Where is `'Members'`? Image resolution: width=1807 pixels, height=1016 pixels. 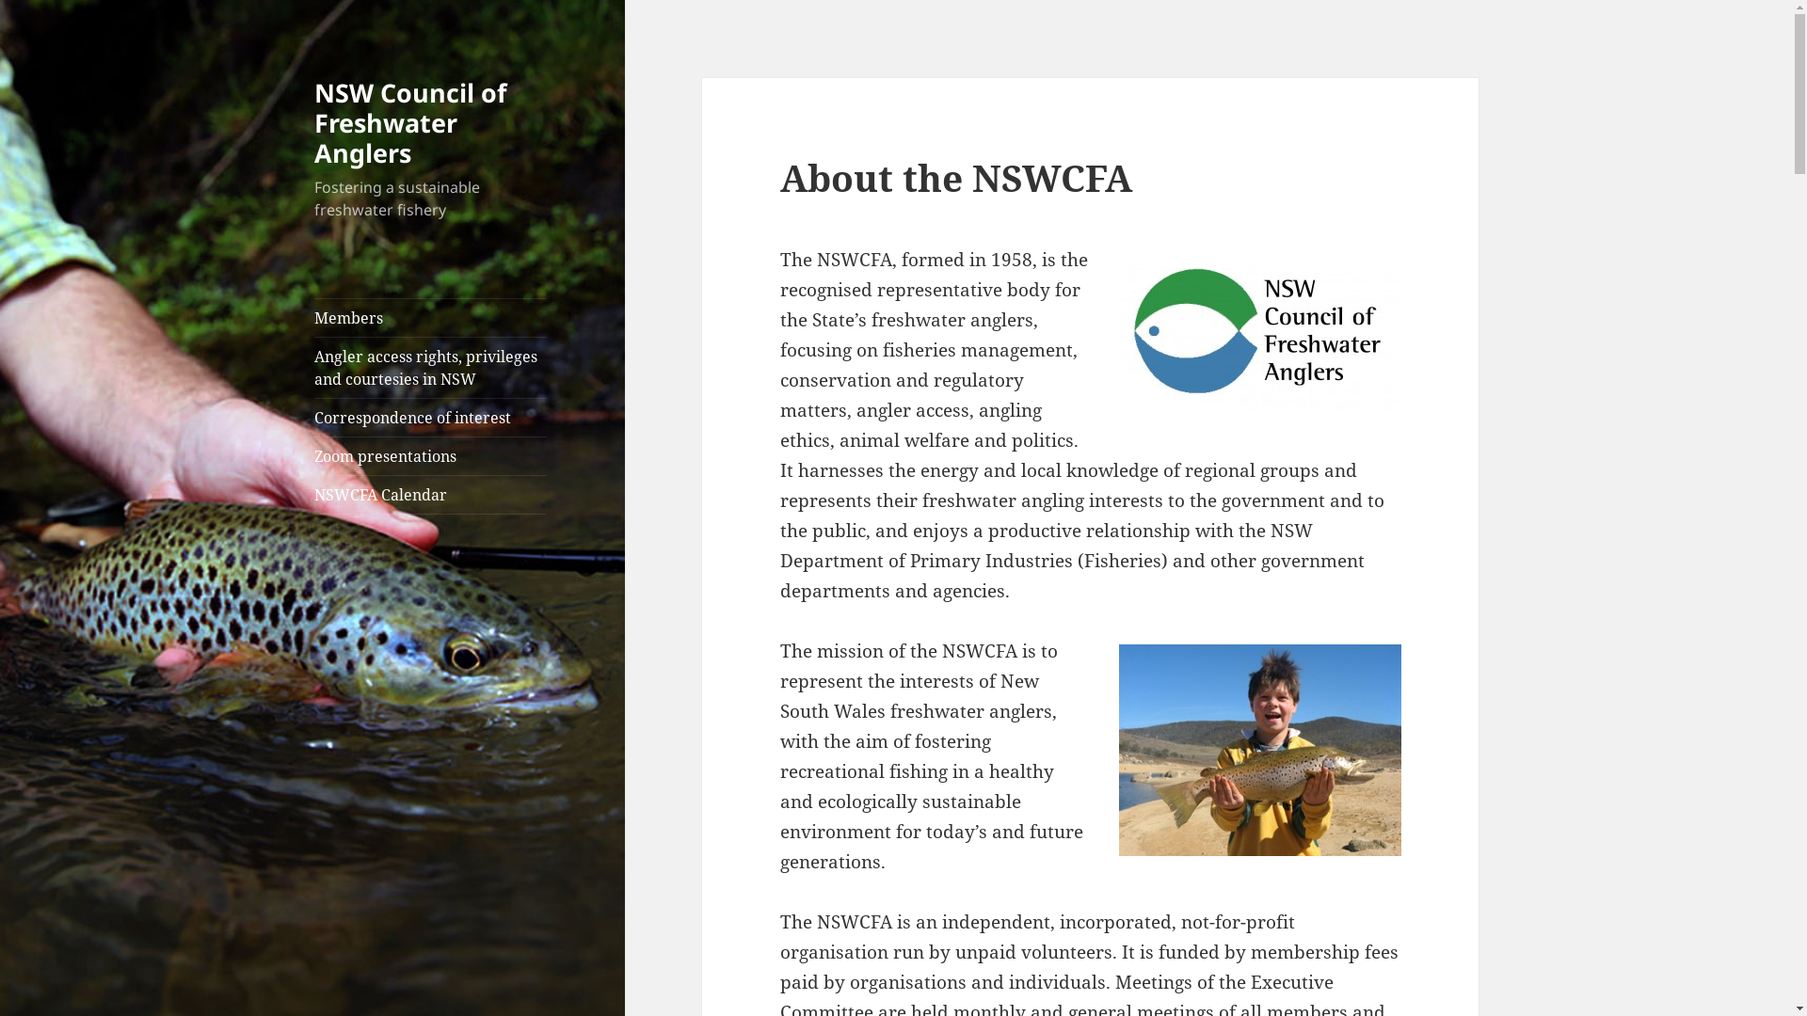
'Members' is located at coordinates (429, 317).